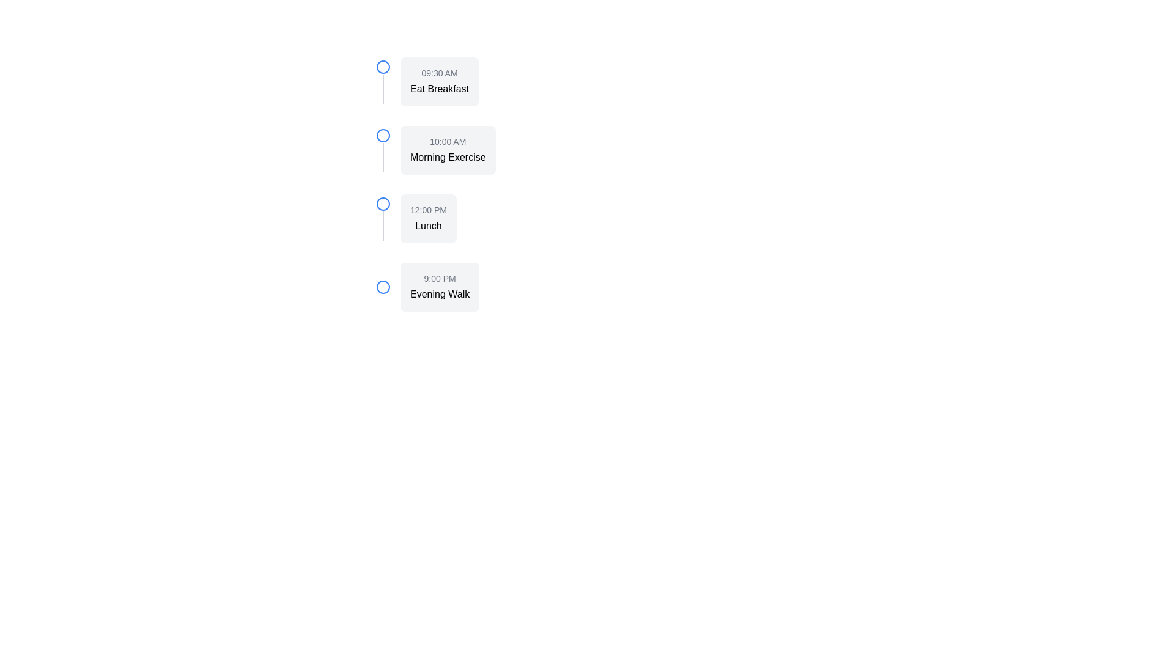 The height and width of the screenshot is (660, 1174). What do you see at coordinates (383, 136) in the screenshot?
I see `the circle icon representing the 'Morning Exercise' event at '10:00 AM' in the vertical timeline interface` at bounding box center [383, 136].